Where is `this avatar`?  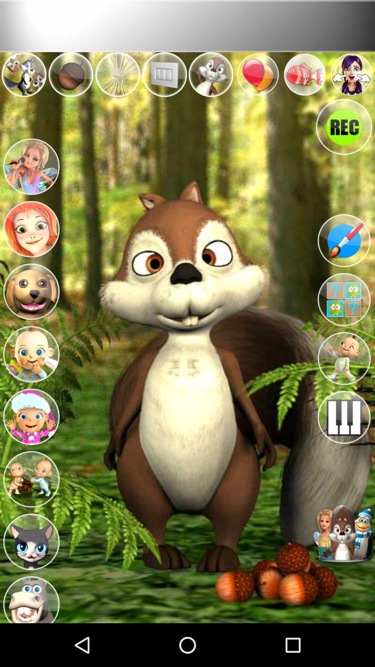 this avatar is located at coordinates (344, 359).